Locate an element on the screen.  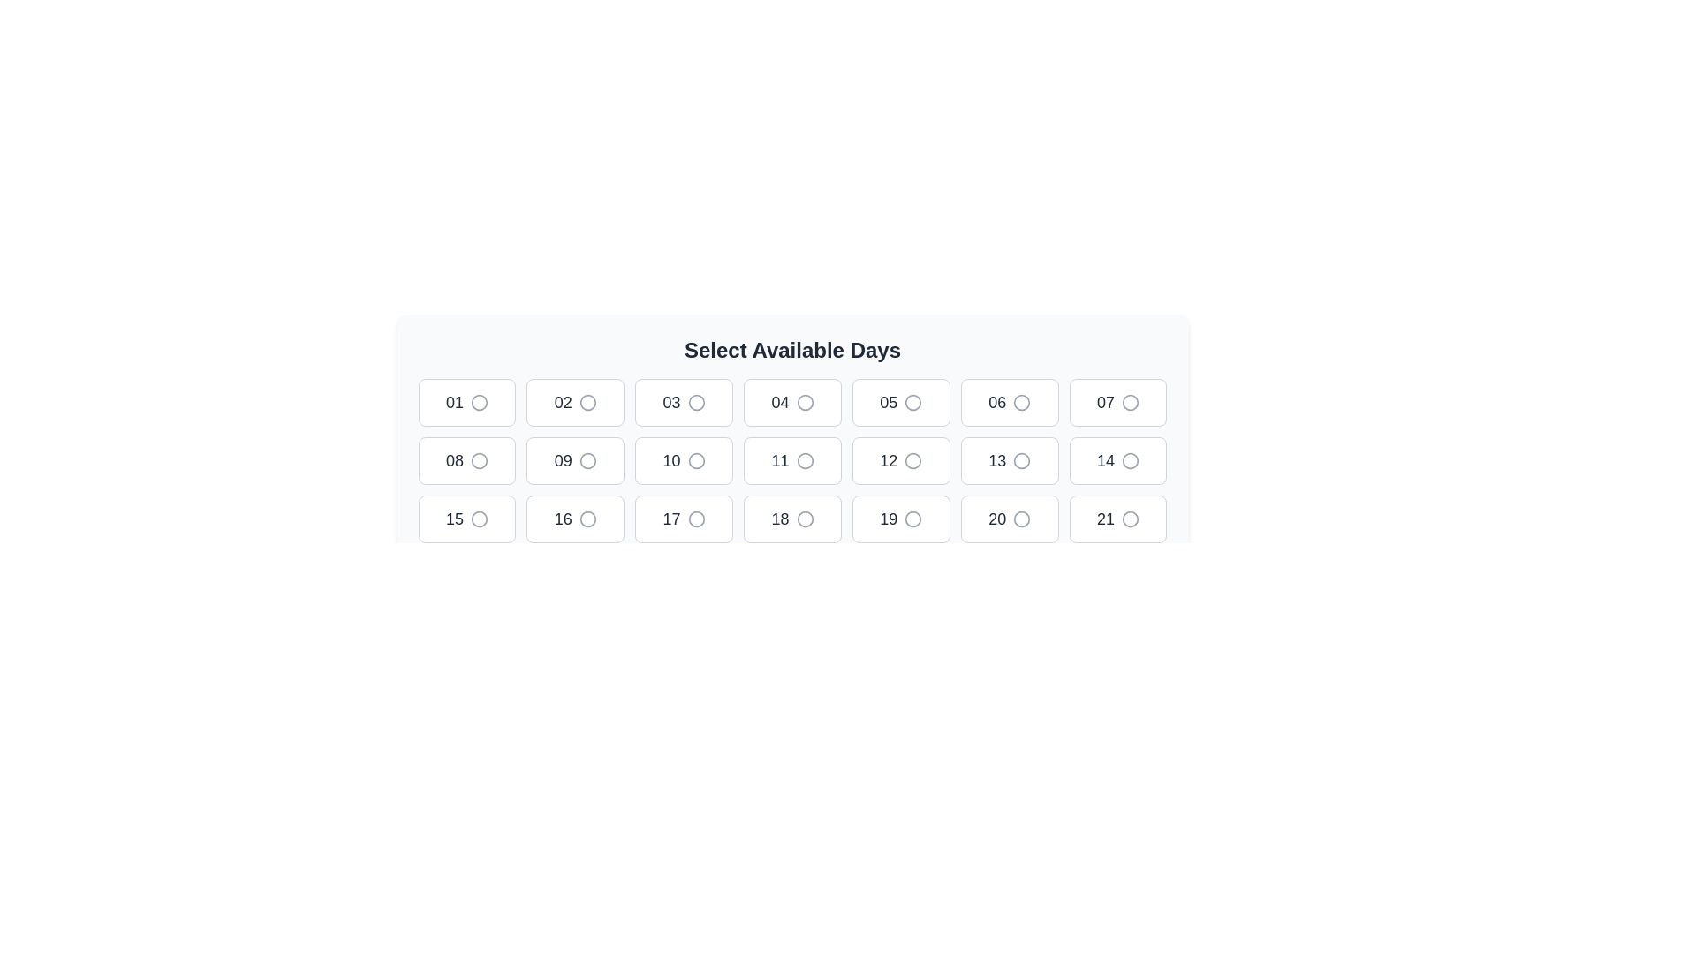
the radio button for selecting the 13th day in the 'Select Available Days' grid interface is located at coordinates (1010, 459).